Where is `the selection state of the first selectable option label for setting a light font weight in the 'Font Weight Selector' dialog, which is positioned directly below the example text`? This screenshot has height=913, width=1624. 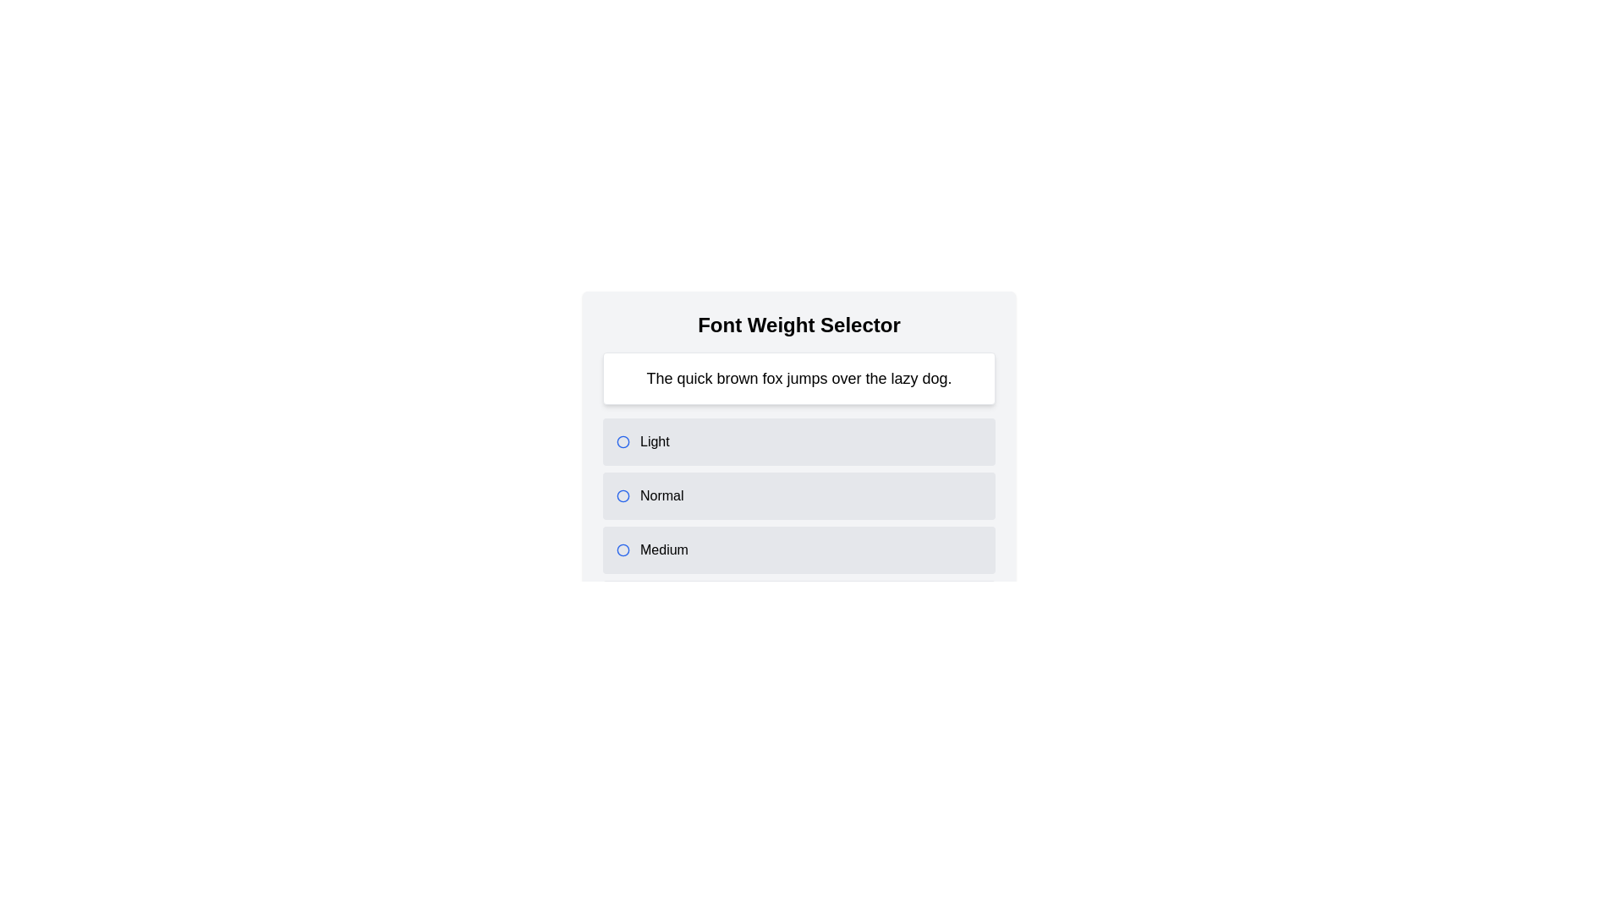
the selection state of the first selectable option label for setting a light font weight in the 'Font Weight Selector' dialog, which is positioned directly below the example text is located at coordinates (654, 441).